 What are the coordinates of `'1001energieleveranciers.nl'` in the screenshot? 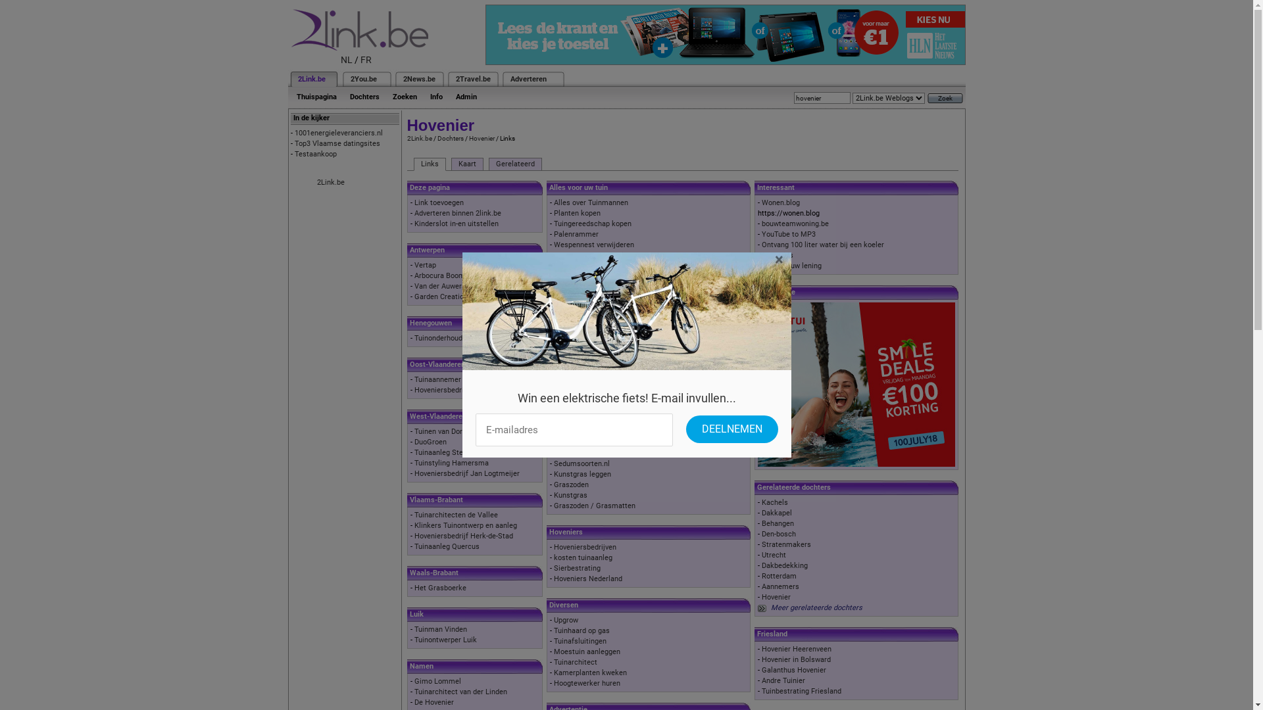 It's located at (293, 133).